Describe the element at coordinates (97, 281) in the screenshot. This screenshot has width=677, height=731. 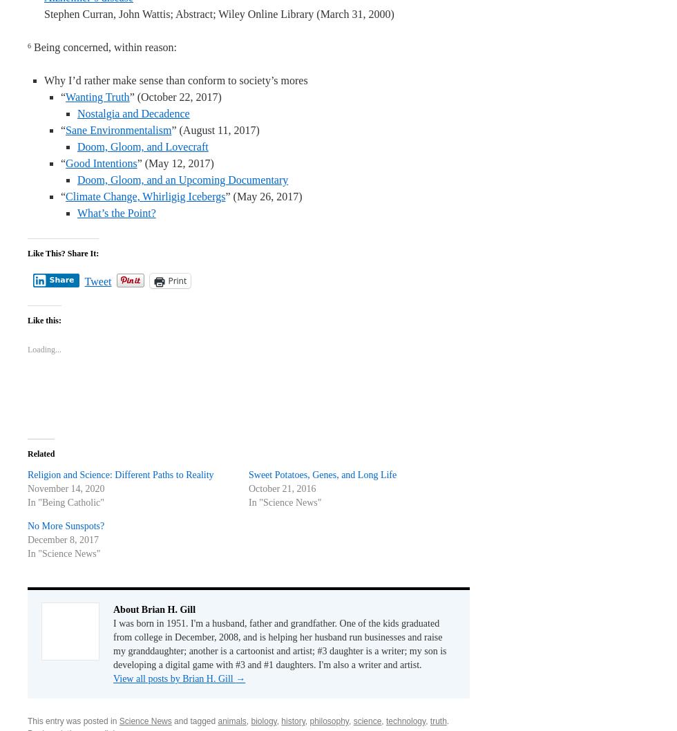
I see `'Tweet'` at that location.